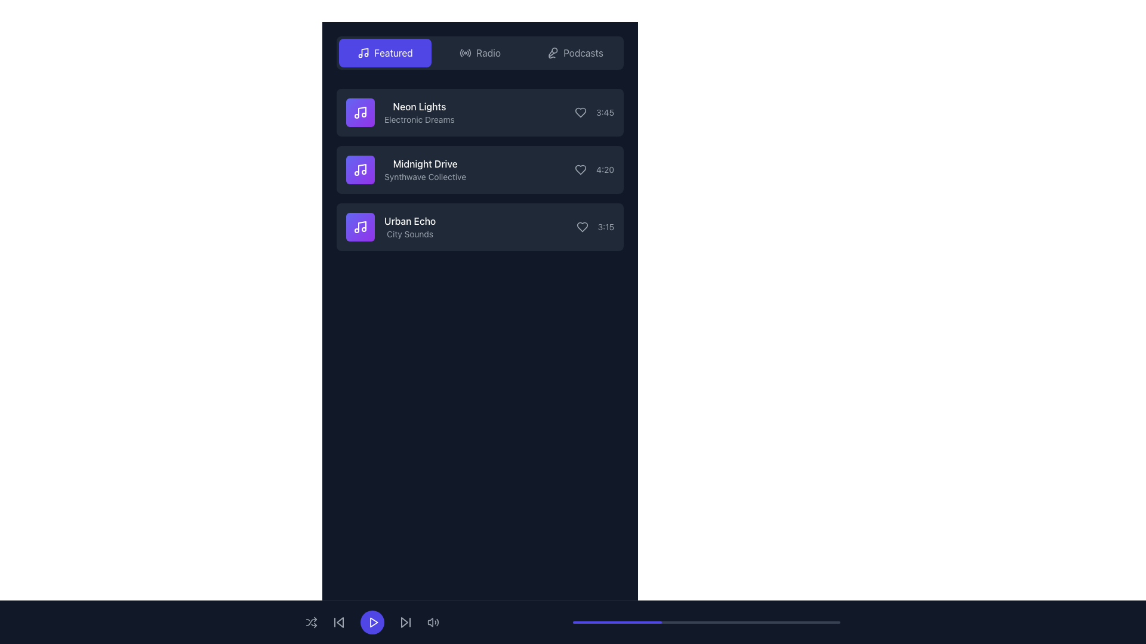 Image resolution: width=1146 pixels, height=644 pixels. Describe the element at coordinates (361, 112) in the screenshot. I see `the visual representation of the music note icon associated with the 'Neon Lights' item, which includes the main vertical line and the upper note portion` at that location.